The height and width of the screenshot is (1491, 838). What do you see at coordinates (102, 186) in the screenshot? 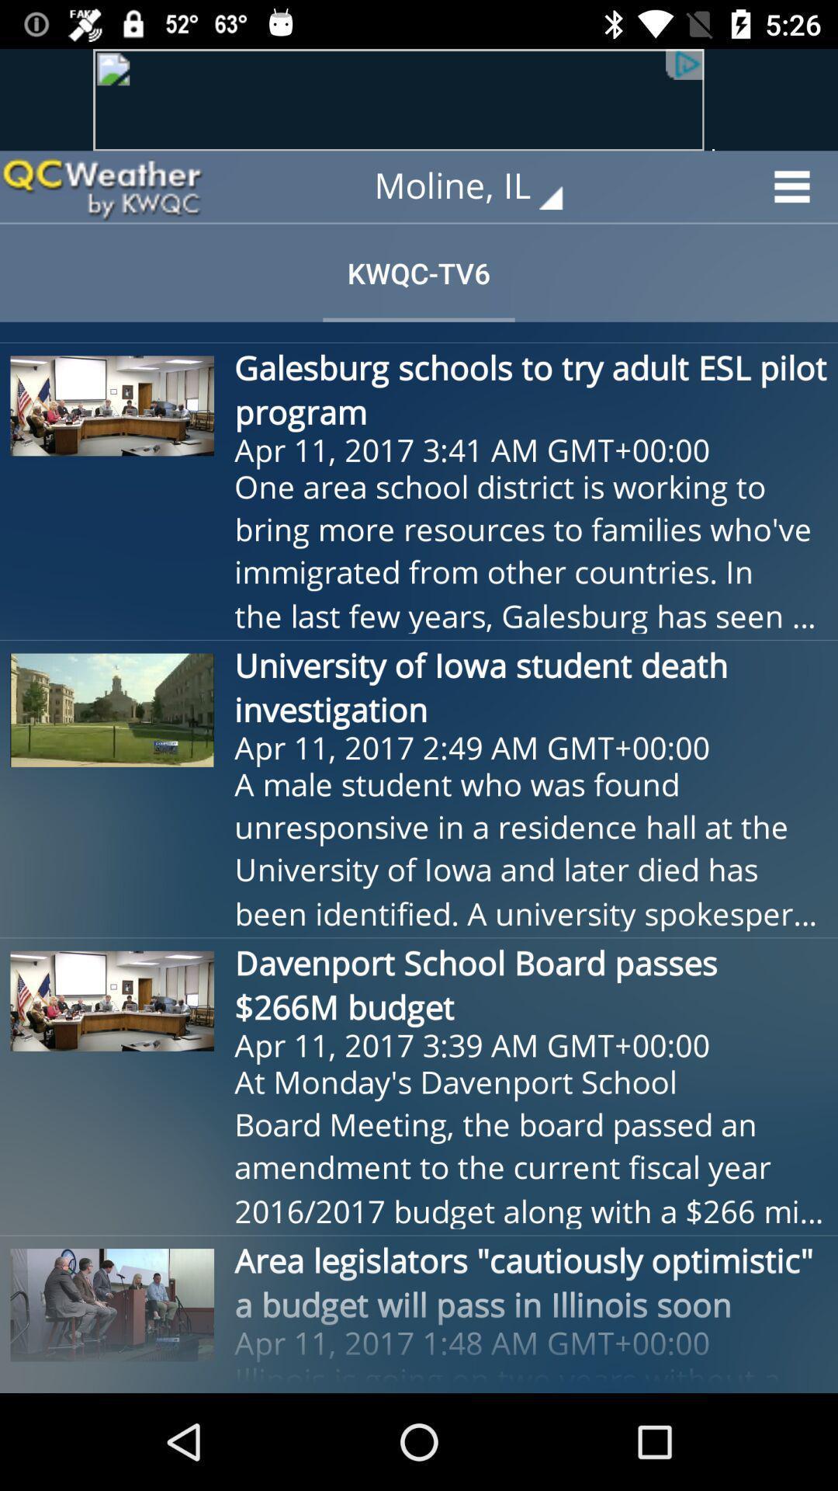
I see `the item to the left of moline, il` at bounding box center [102, 186].